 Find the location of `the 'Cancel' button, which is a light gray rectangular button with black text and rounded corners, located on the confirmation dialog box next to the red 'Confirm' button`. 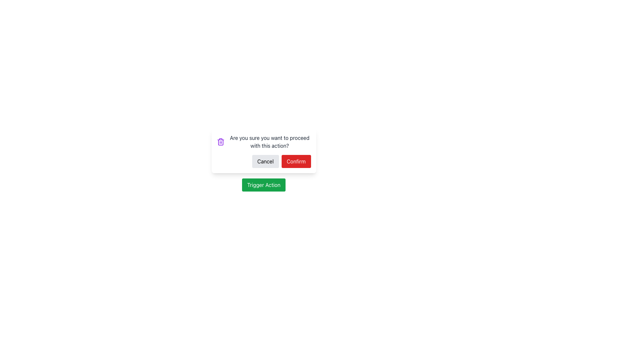

the 'Cancel' button, which is a light gray rectangular button with black text and rounded corners, located on the confirmation dialog box next to the red 'Confirm' button is located at coordinates (264, 161).